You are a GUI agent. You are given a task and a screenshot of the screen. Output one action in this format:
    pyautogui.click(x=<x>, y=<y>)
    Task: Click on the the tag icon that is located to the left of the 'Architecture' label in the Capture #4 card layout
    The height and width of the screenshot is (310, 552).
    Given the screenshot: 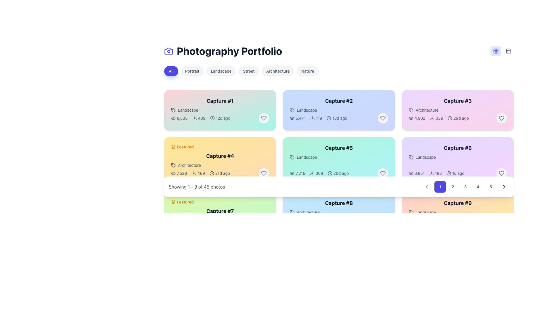 What is the action you would take?
    pyautogui.click(x=173, y=165)
    